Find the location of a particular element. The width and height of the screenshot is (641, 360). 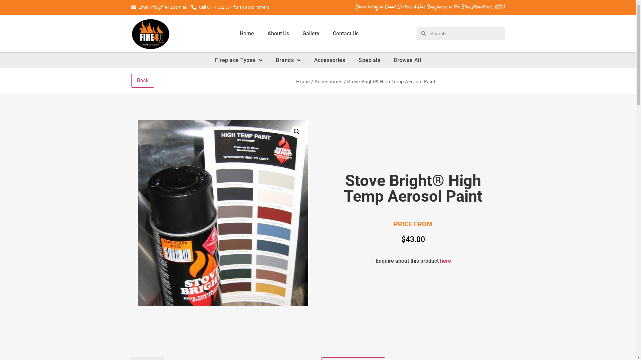

'Specials' is located at coordinates (369, 60).